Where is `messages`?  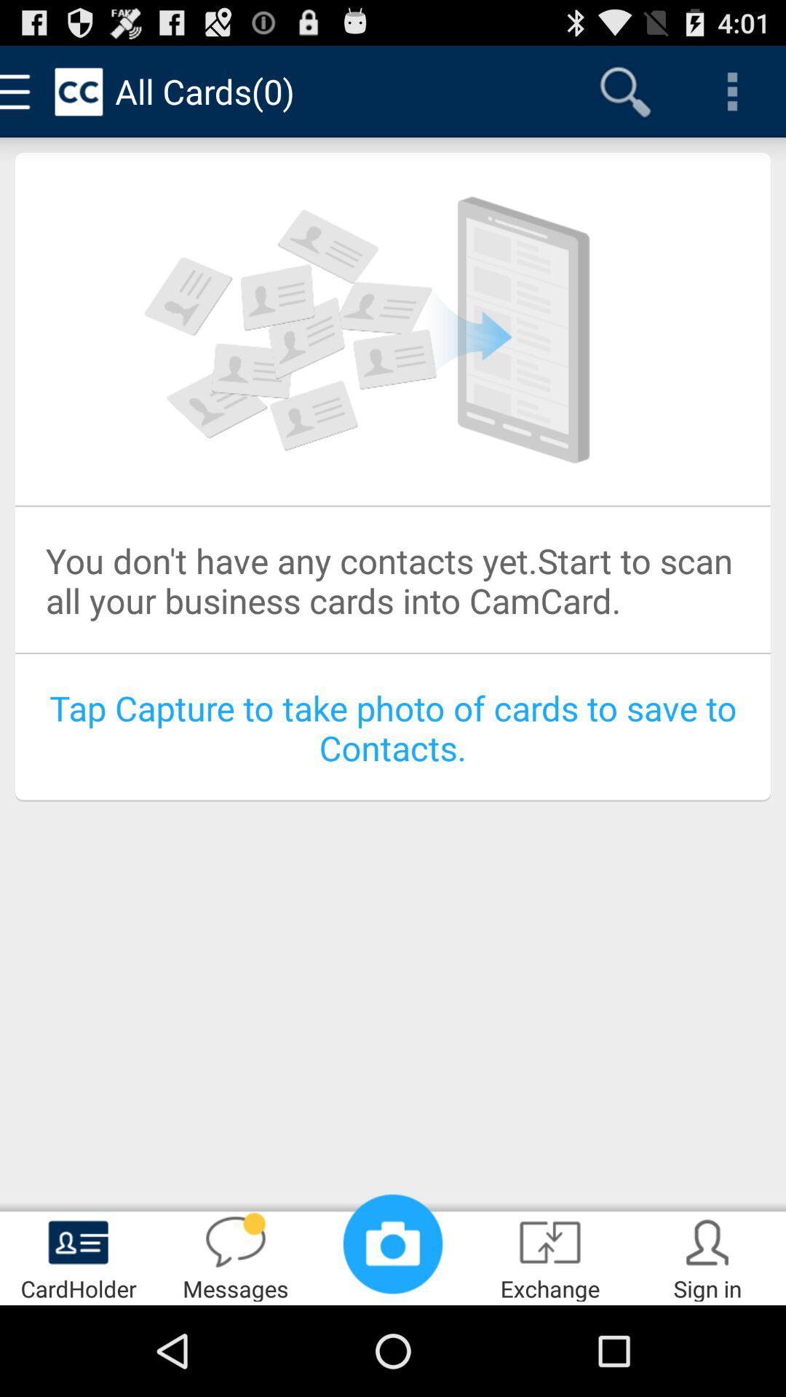
messages is located at coordinates (235, 1256).